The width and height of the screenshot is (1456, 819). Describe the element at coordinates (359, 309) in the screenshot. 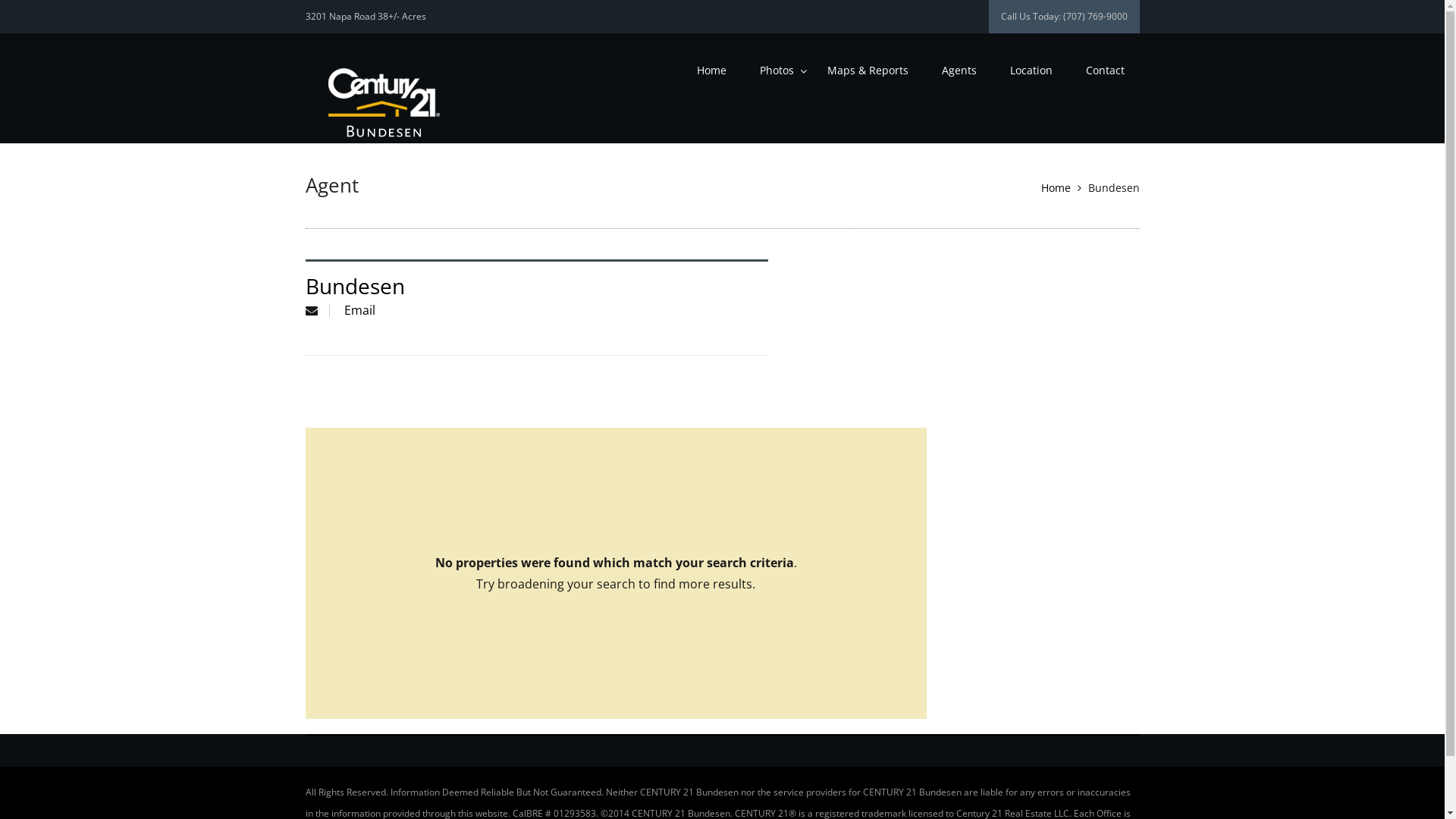

I see `'Email'` at that location.